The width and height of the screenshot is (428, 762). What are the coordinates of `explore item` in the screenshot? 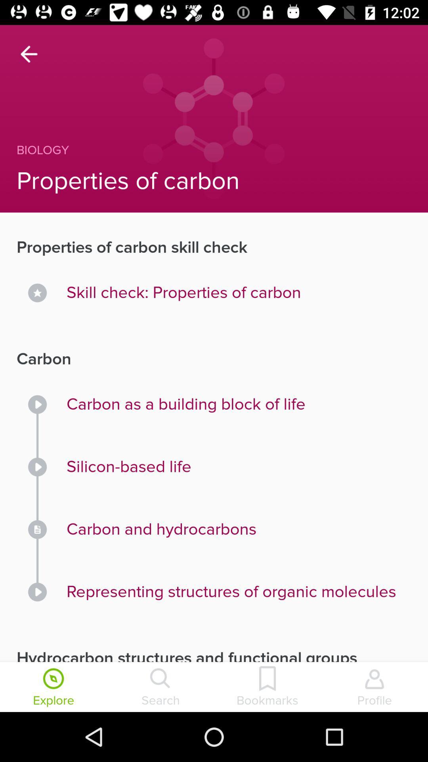 It's located at (53, 687).